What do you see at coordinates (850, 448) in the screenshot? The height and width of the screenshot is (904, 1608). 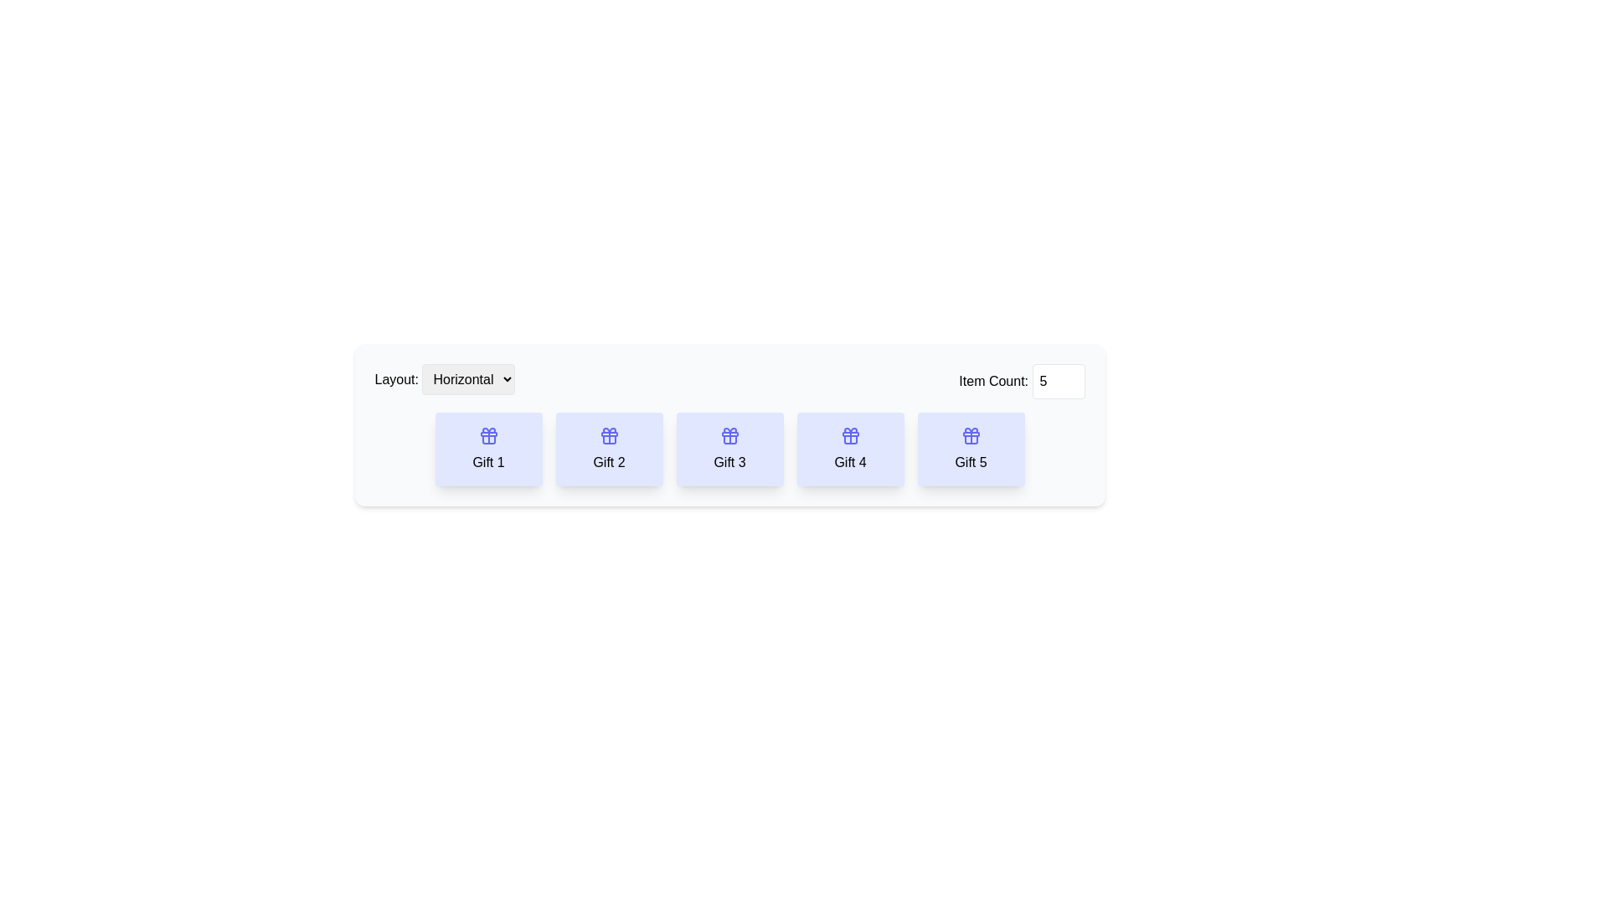 I see `the light purple card labeled 'Gift 4' with a blue gift icon` at bounding box center [850, 448].